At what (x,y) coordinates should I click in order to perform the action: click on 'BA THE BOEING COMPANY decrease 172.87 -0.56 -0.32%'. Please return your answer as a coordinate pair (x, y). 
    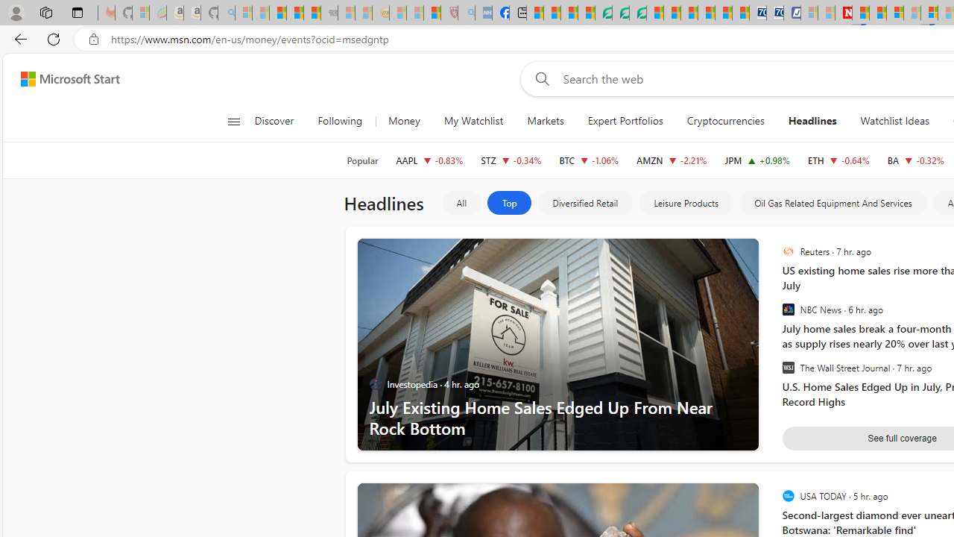
    Looking at the image, I should click on (914, 160).